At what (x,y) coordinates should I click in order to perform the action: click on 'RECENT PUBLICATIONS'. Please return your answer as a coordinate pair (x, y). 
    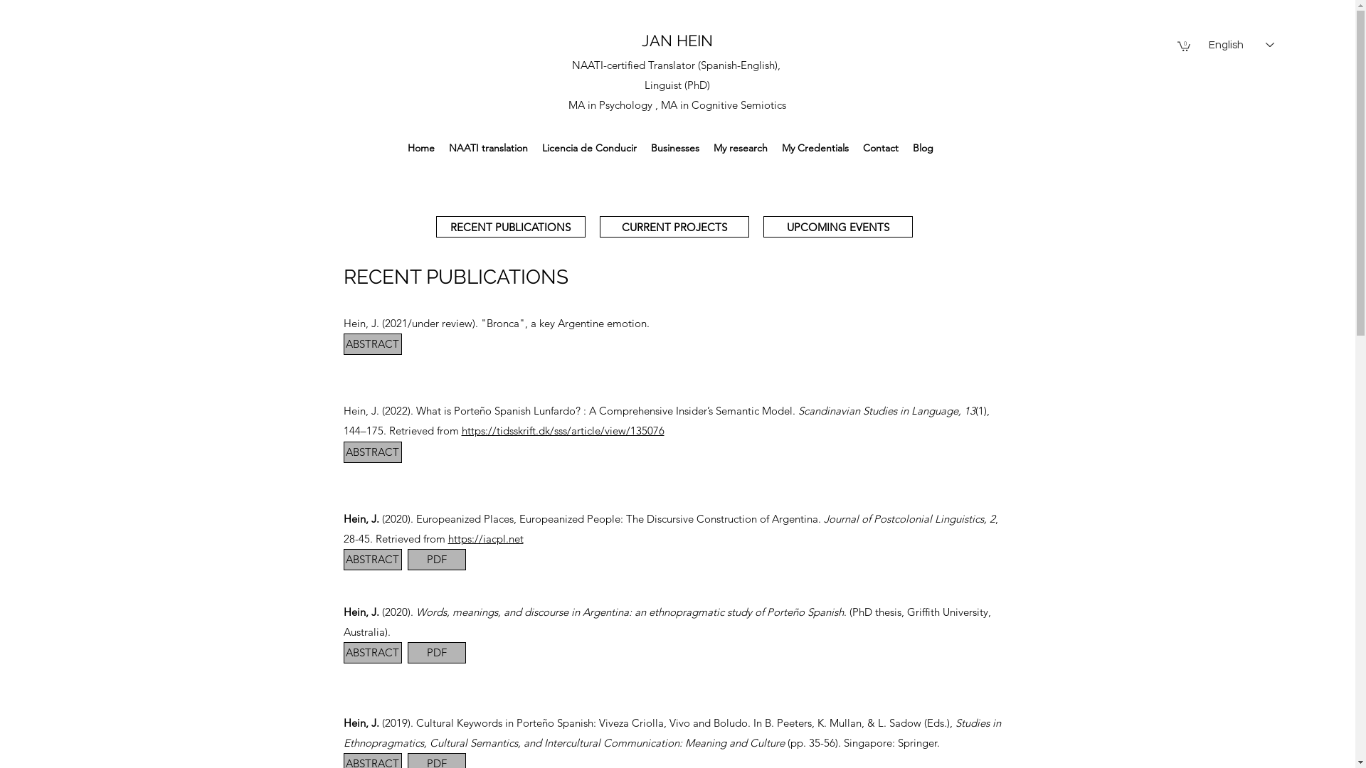
    Looking at the image, I should click on (509, 226).